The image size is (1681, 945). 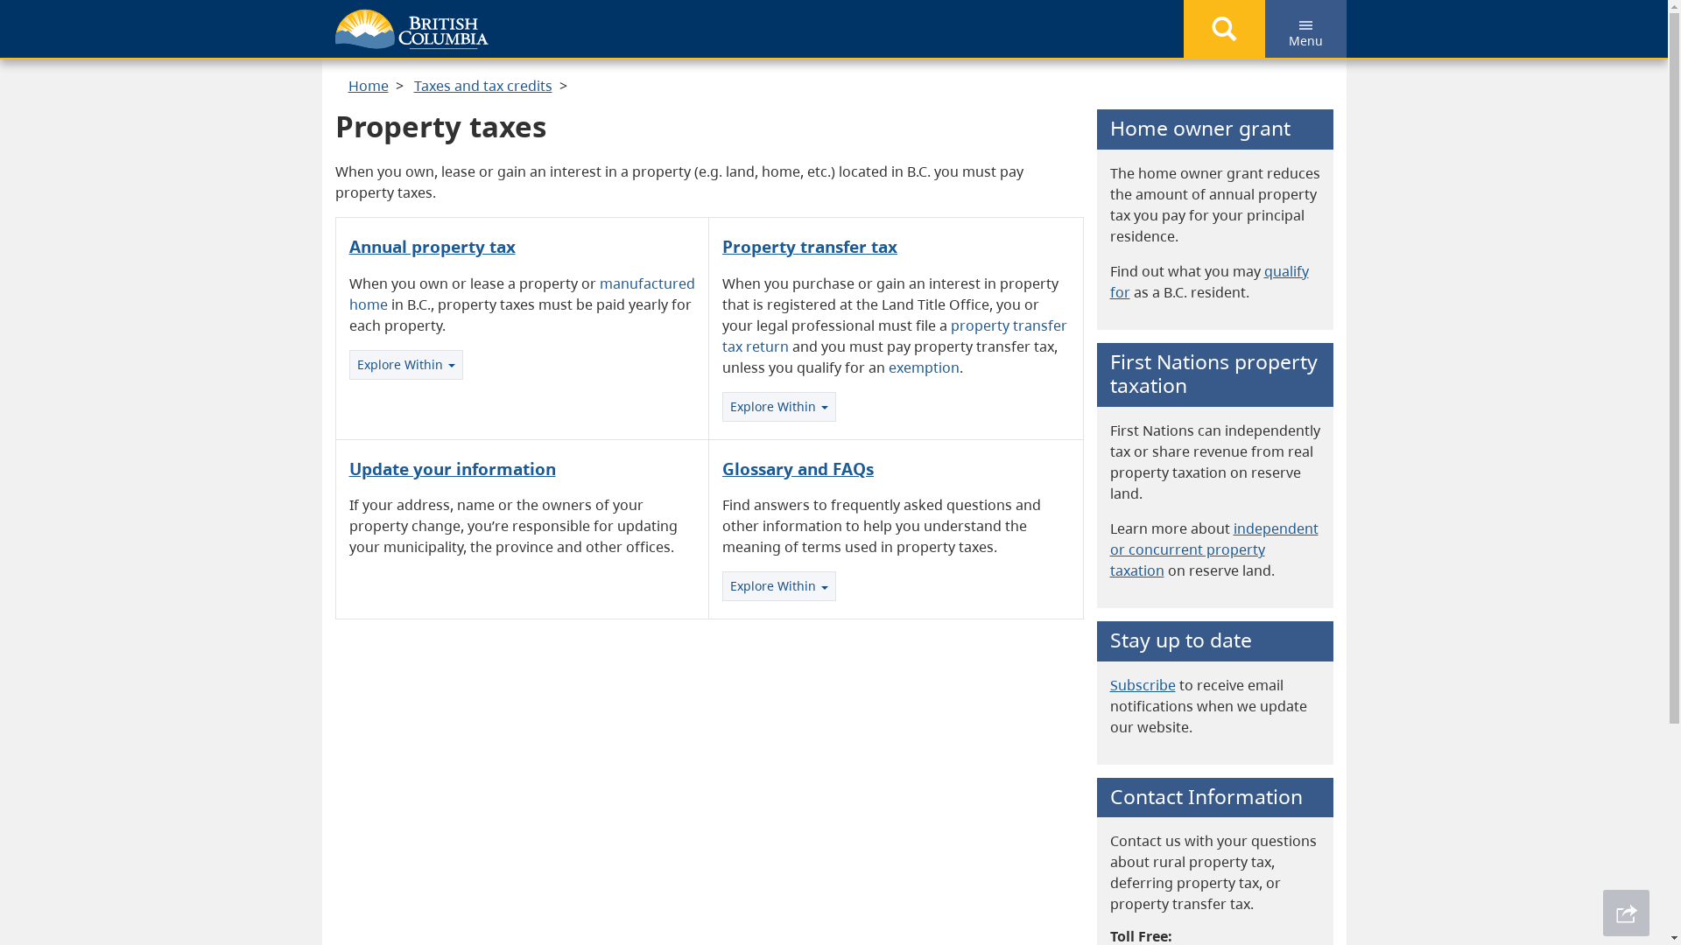 I want to click on 'Government of B.C.', so click(x=410, y=29).